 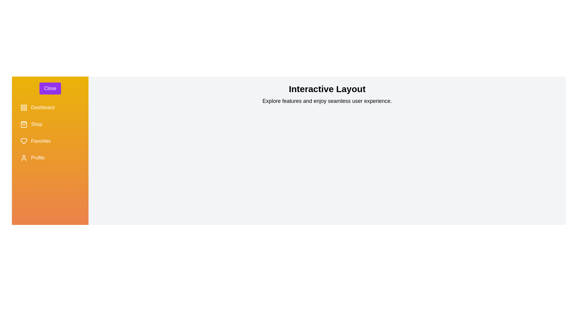 What do you see at coordinates (50, 107) in the screenshot?
I see `the menu item labeled Dashboard to observe its hover effect` at bounding box center [50, 107].